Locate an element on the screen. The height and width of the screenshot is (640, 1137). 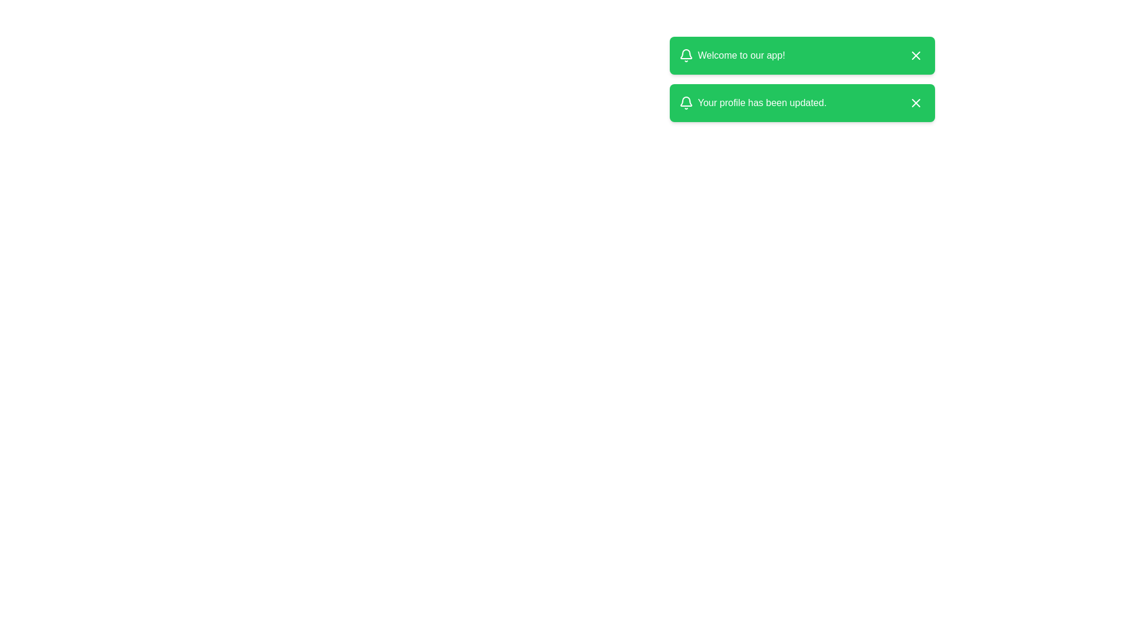
message from the notification banner that informs the user of a successful profile update, positioned below the 'Welcome to our app!' banner is located at coordinates (802, 102).